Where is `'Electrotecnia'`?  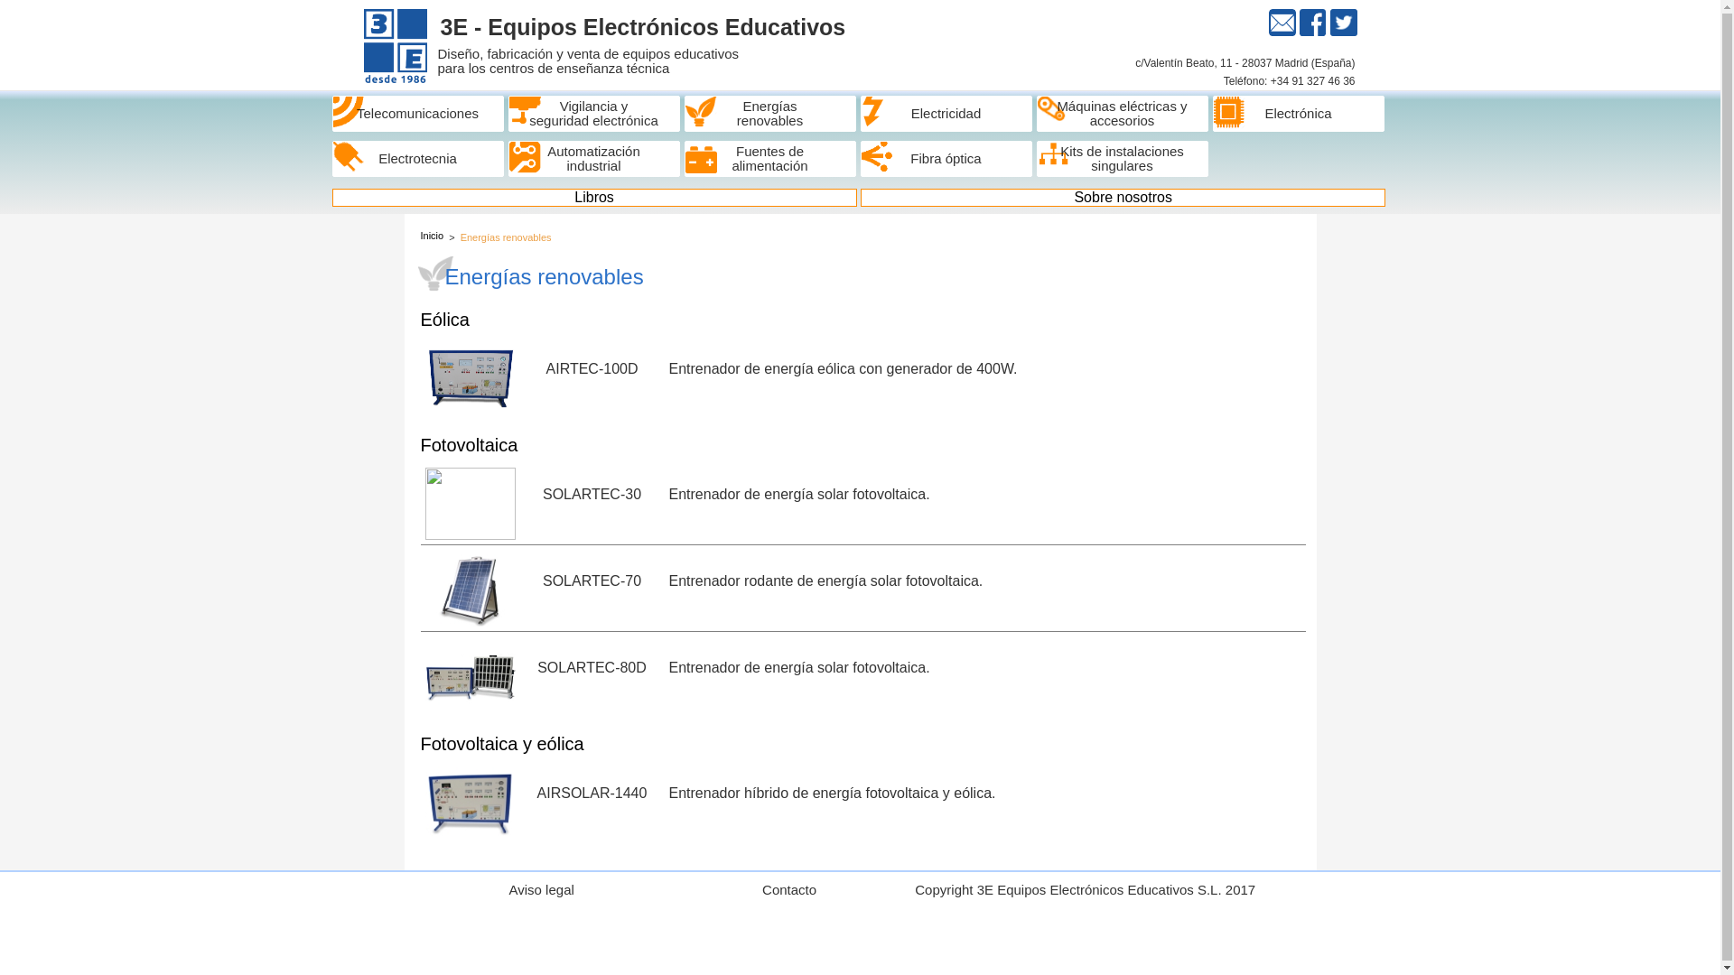
'Electrotecnia' is located at coordinates (332, 158).